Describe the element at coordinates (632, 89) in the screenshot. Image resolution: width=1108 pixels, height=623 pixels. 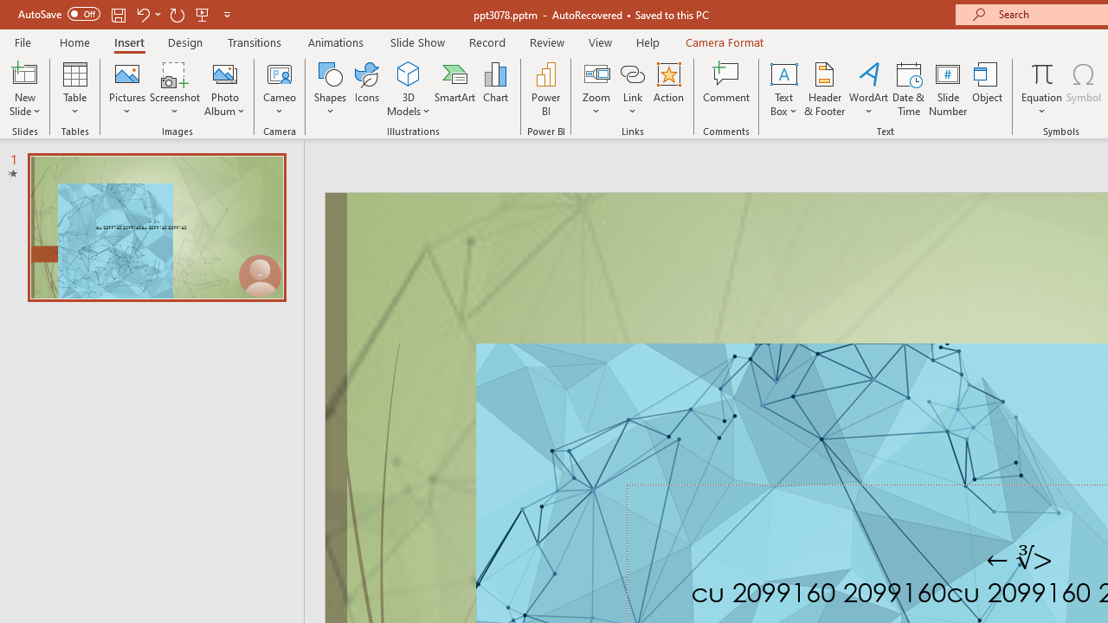
I see `'Link'` at that location.